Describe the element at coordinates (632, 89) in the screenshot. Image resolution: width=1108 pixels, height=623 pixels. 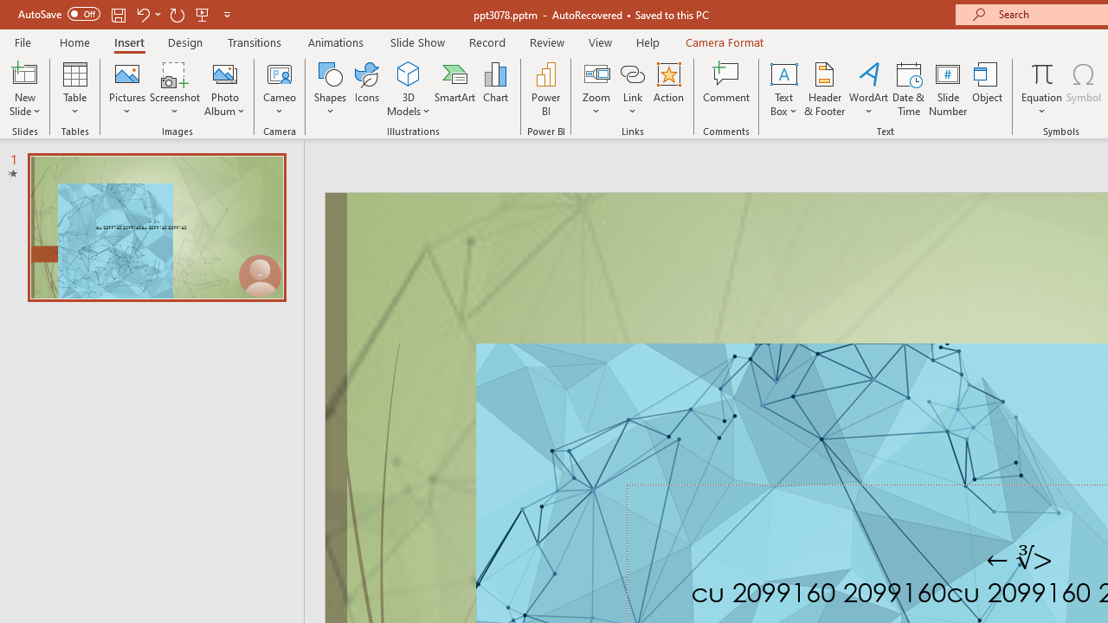
I see `'Link'` at that location.